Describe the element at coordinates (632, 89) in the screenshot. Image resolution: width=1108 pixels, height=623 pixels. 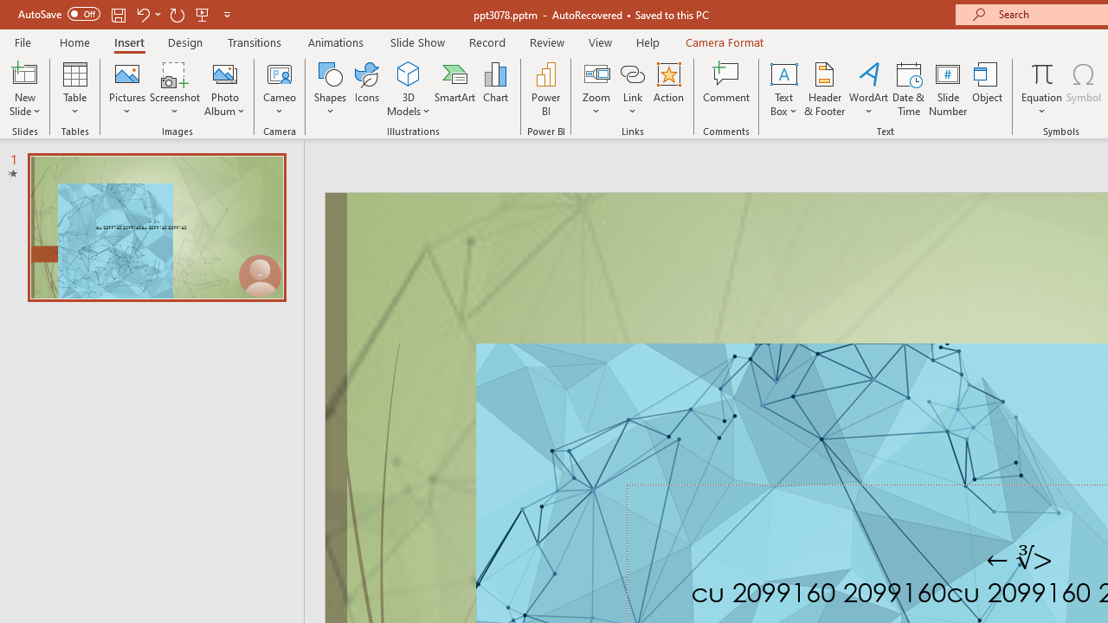
I see `'Link'` at that location.